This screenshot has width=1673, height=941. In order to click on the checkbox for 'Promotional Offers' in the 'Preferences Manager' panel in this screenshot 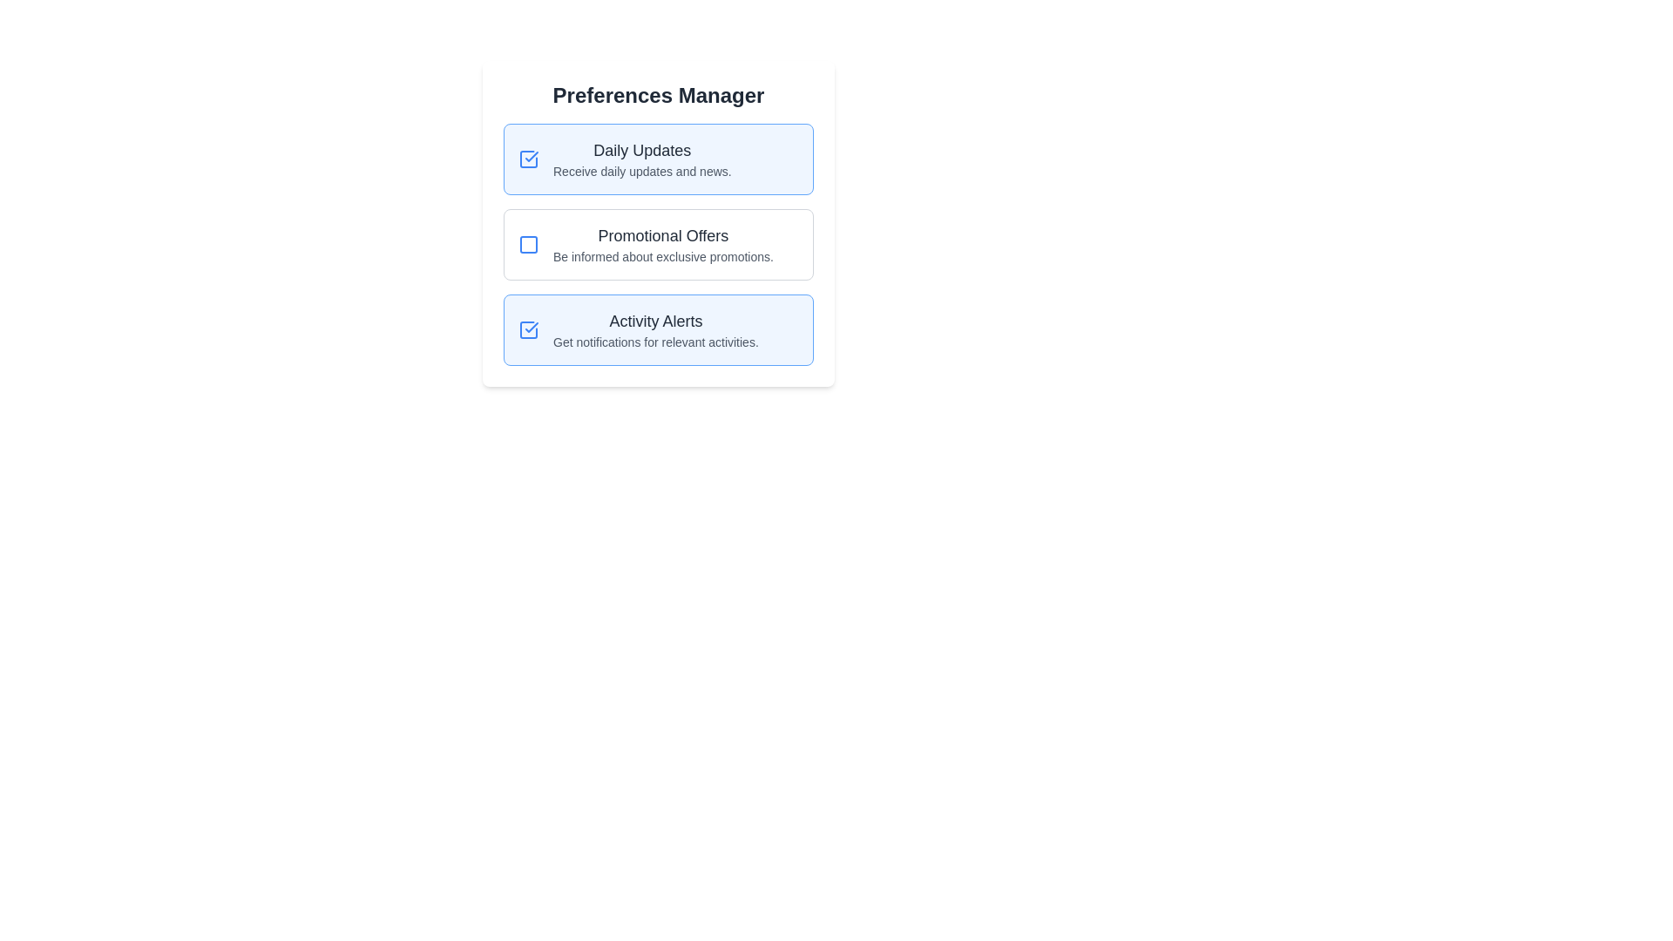, I will do `click(527, 245)`.